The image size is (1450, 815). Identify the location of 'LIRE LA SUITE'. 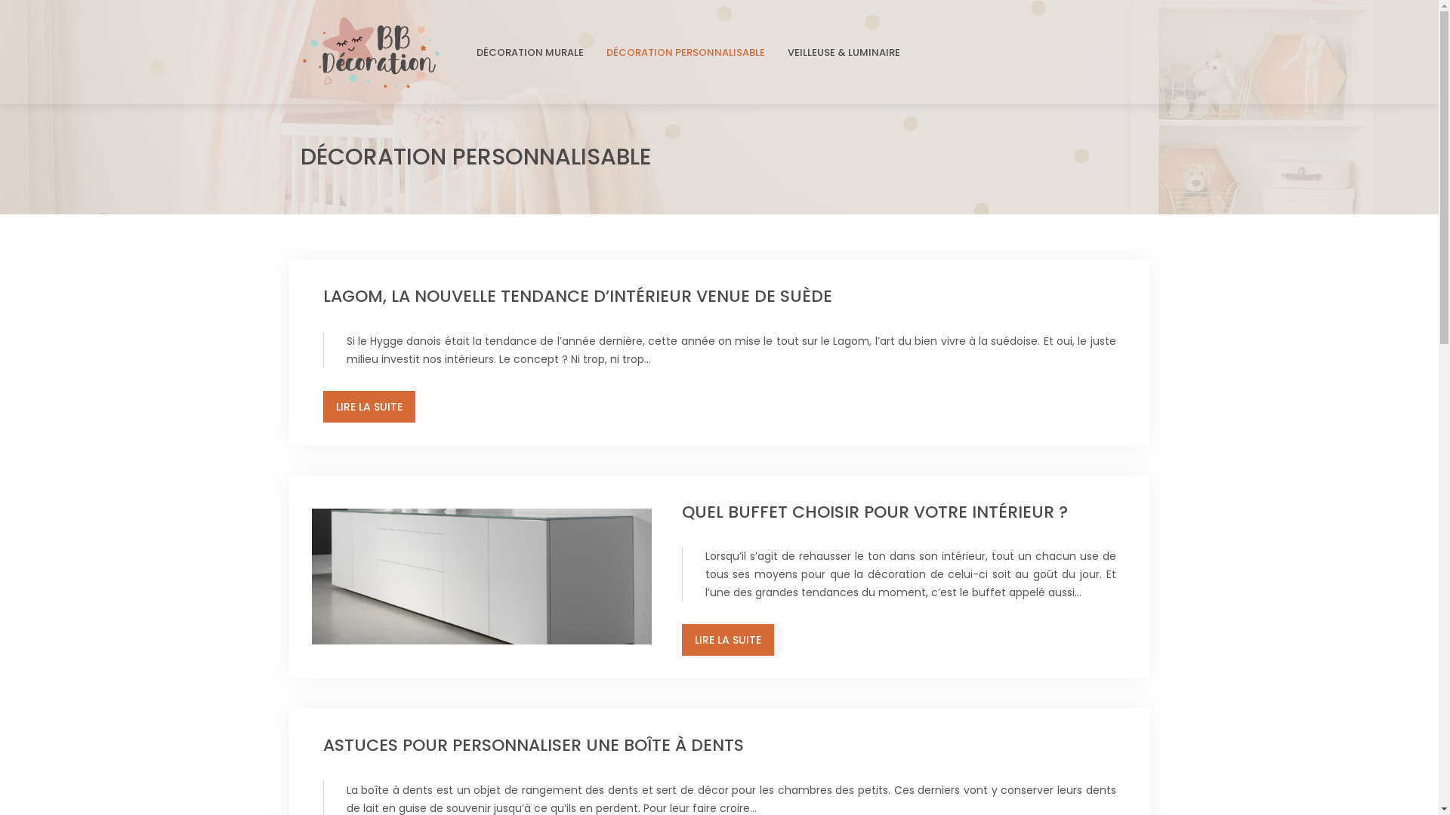
(322, 406).